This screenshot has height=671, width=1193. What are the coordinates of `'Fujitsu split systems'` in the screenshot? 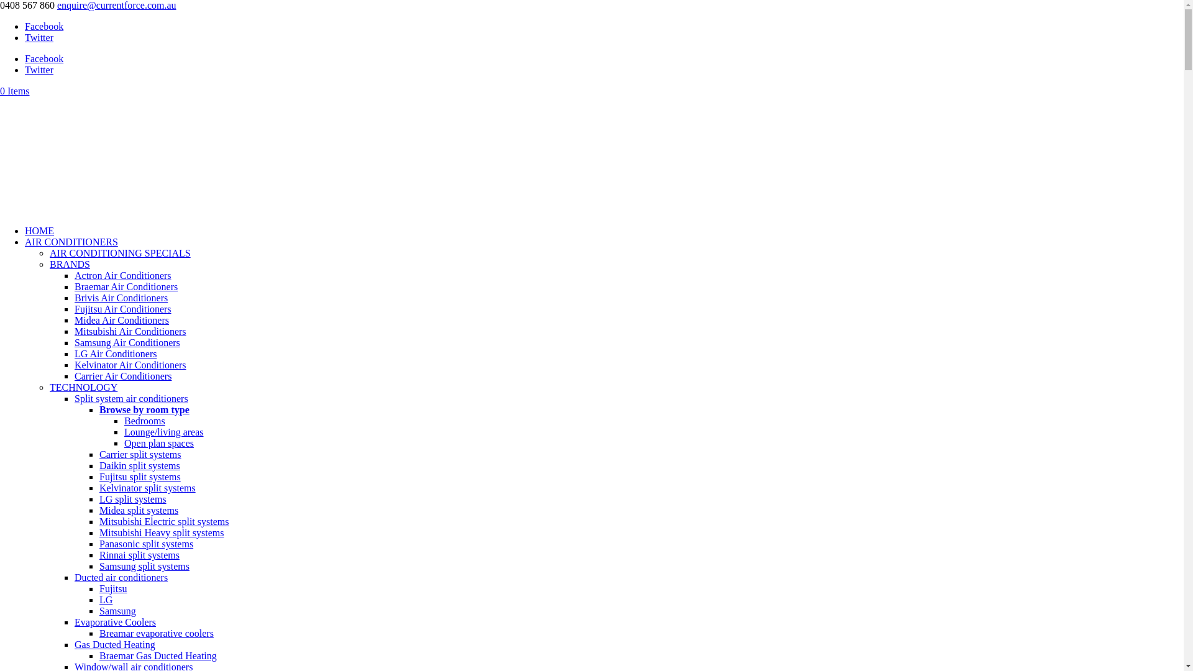 It's located at (140, 476).